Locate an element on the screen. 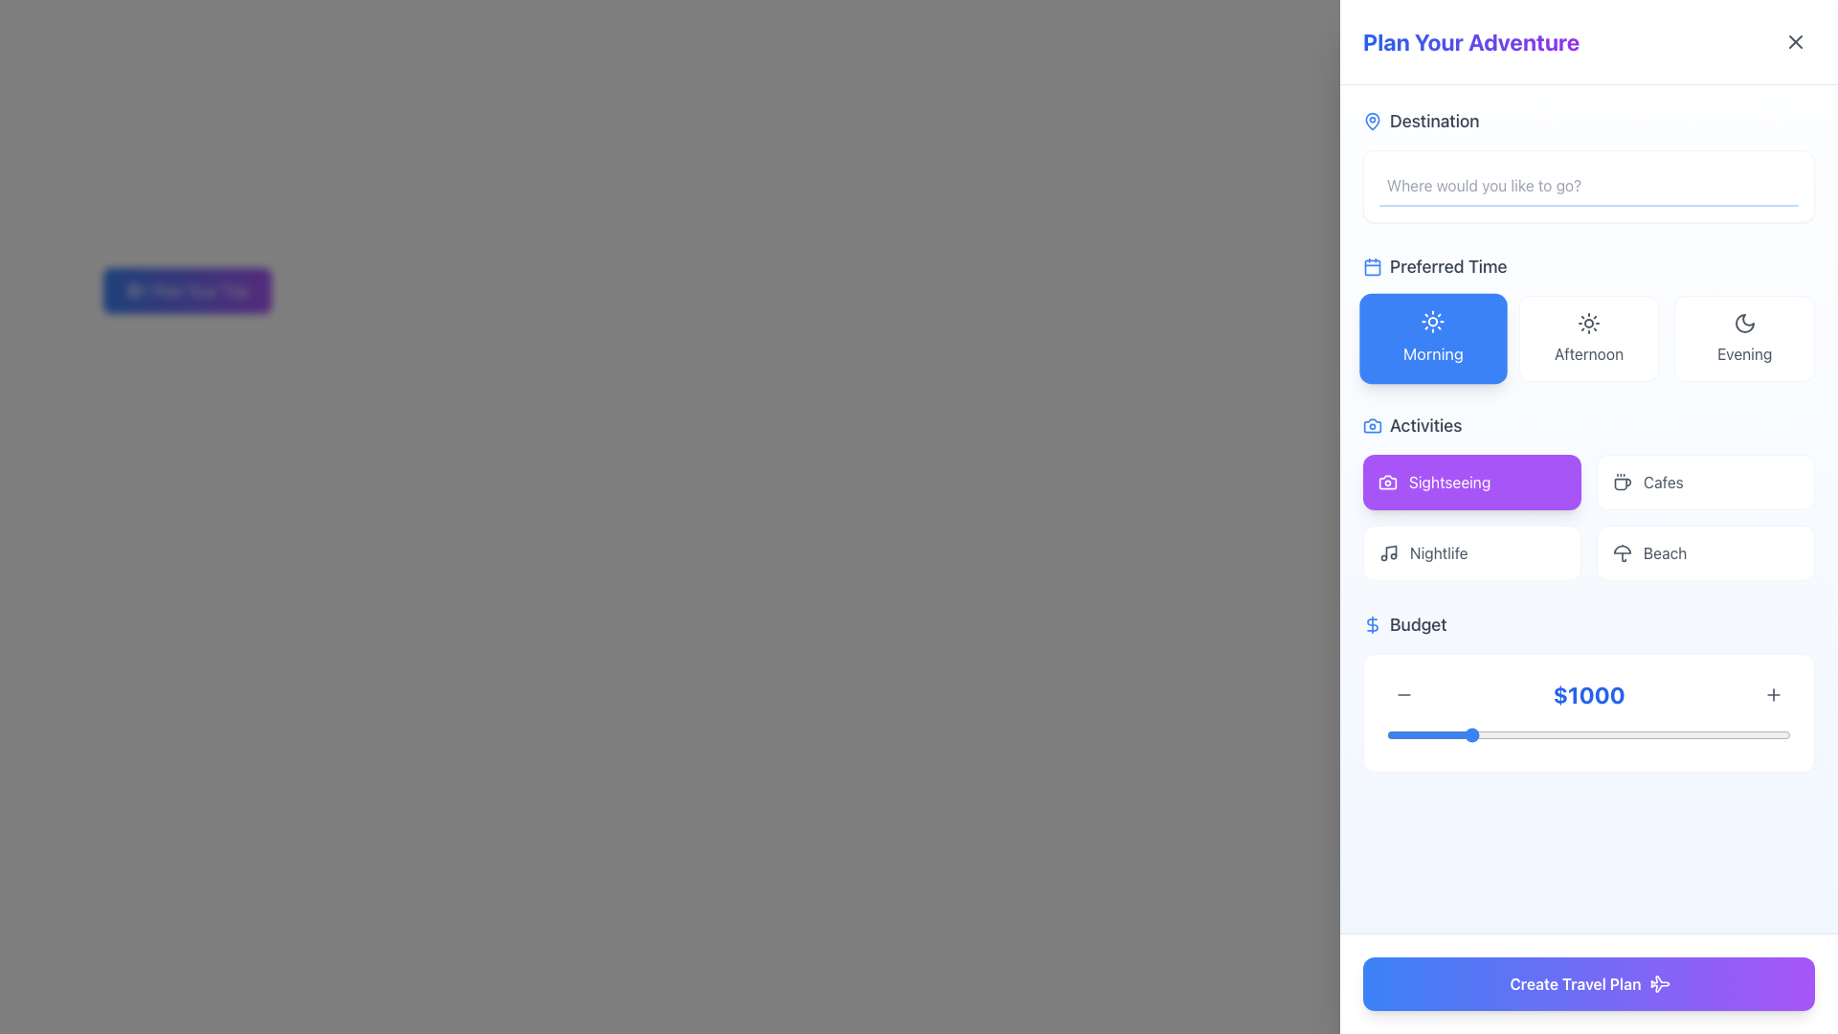 Image resolution: width=1838 pixels, height=1034 pixels. the 'Evening' selection button located under the 'Preferred Time' section is located at coordinates (1744, 338).